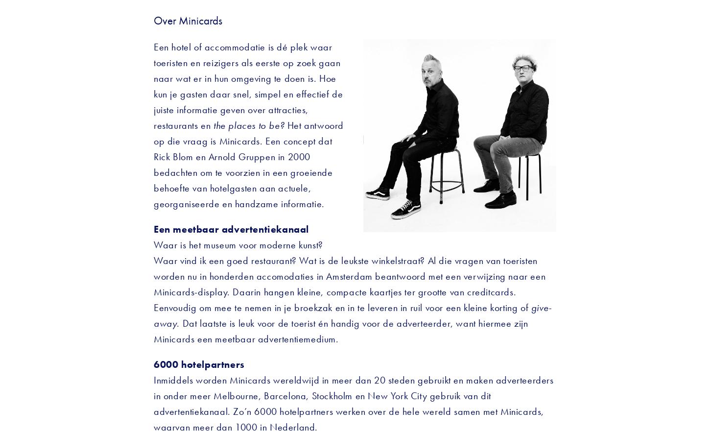 This screenshot has width=710, height=433. I want to click on 'Het antwoord op die vraag is Minicards. Een concept dat Rick Blom en Arnold Gruppen in 2000 bedachten om te voorzien in een groeiende behoefte van hotelgasten aan actuele, georganiseerde en handzame informatie.', so click(154, 164).